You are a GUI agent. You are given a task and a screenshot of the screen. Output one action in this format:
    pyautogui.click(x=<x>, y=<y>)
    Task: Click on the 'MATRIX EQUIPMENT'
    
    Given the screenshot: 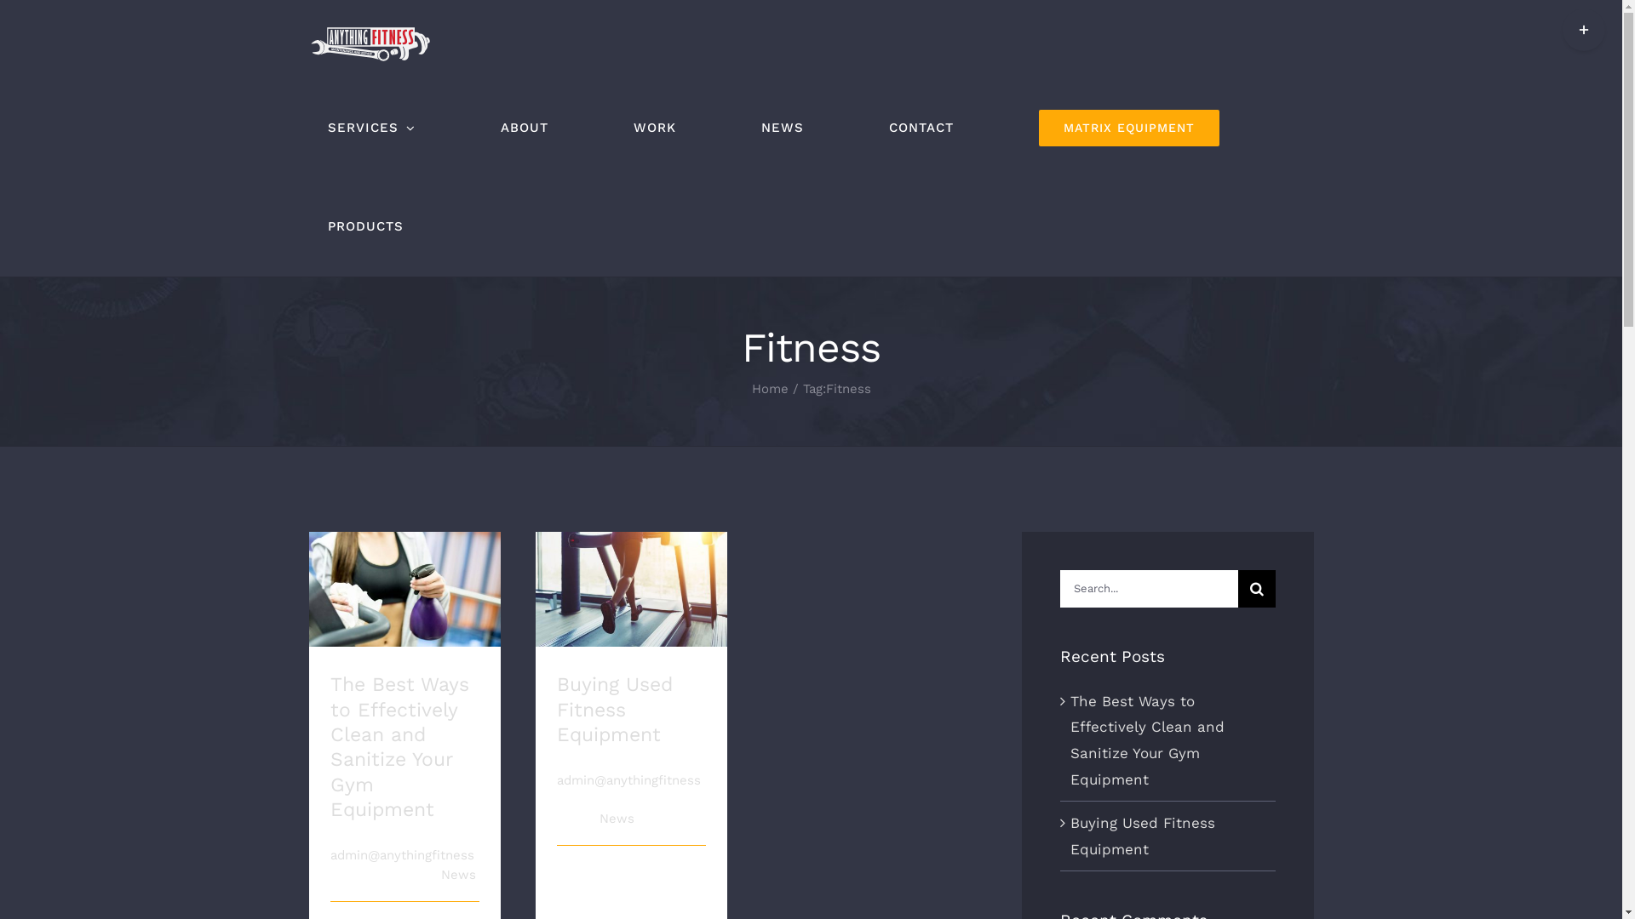 What is the action you would take?
    pyautogui.click(x=1128, y=127)
    